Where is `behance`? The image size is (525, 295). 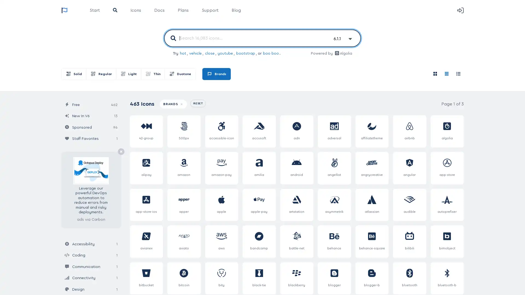 behance is located at coordinates (334, 245).